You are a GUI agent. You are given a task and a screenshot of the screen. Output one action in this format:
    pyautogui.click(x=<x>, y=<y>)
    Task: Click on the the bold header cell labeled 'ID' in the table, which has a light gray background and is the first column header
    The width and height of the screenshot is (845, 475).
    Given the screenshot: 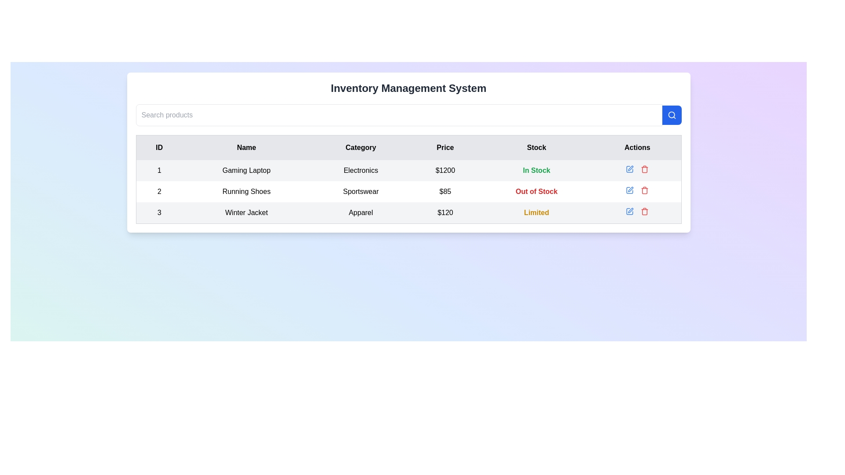 What is the action you would take?
    pyautogui.click(x=159, y=147)
    